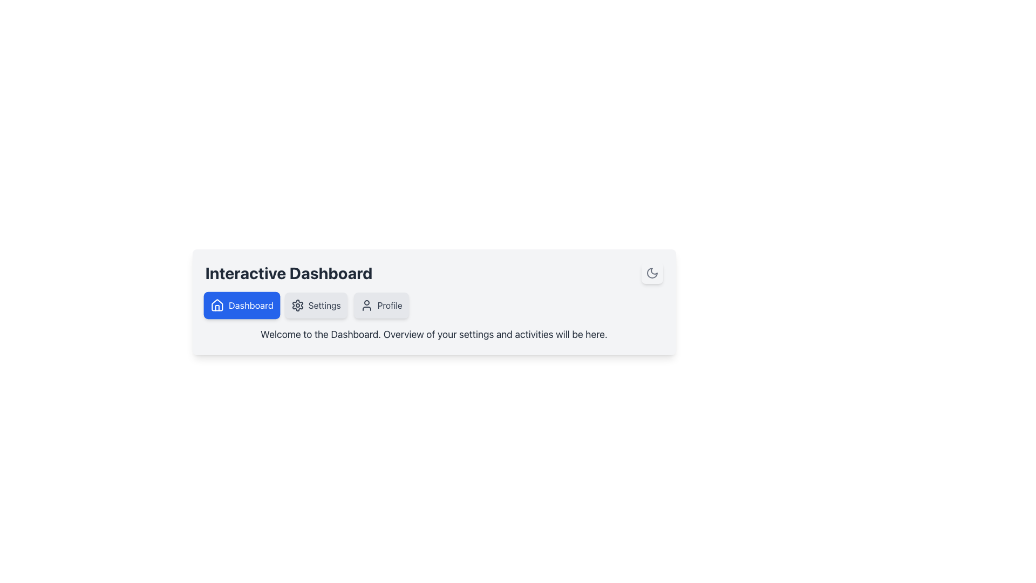 Image resolution: width=1036 pixels, height=583 pixels. Describe the element at coordinates (216, 305) in the screenshot. I see `the SVG icon representing a house within the 'Dashboard' button, which is located at the leftmost side of the row containing three buttons: Dashboard, Settings, and Profile` at that location.